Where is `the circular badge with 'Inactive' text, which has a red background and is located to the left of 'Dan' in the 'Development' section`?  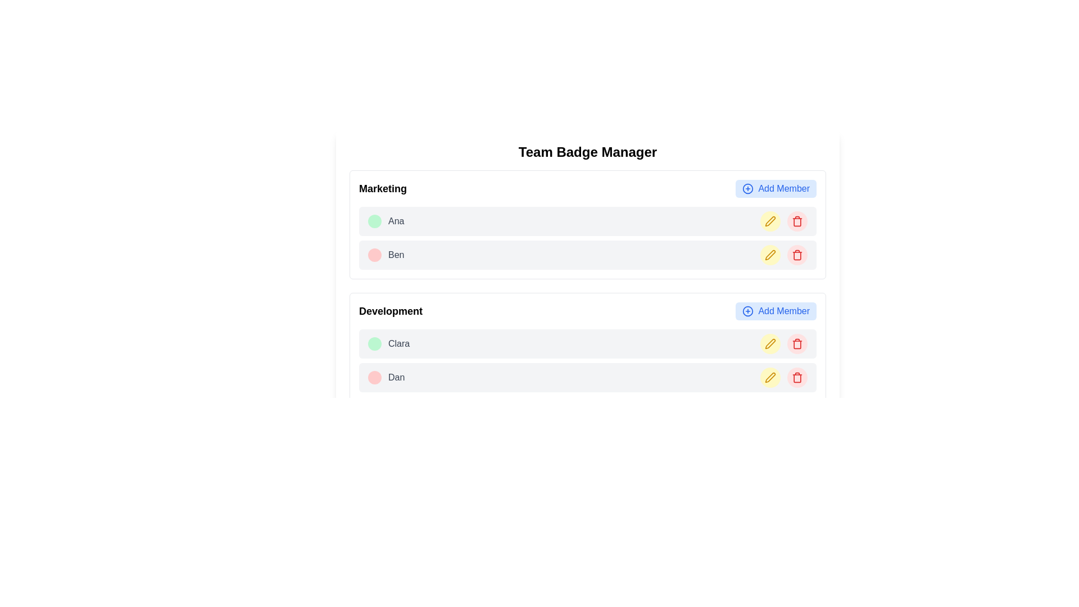 the circular badge with 'Inactive' text, which has a red background and is located to the left of 'Dan' in the 'Development' section is located at coordinates (375, 377).